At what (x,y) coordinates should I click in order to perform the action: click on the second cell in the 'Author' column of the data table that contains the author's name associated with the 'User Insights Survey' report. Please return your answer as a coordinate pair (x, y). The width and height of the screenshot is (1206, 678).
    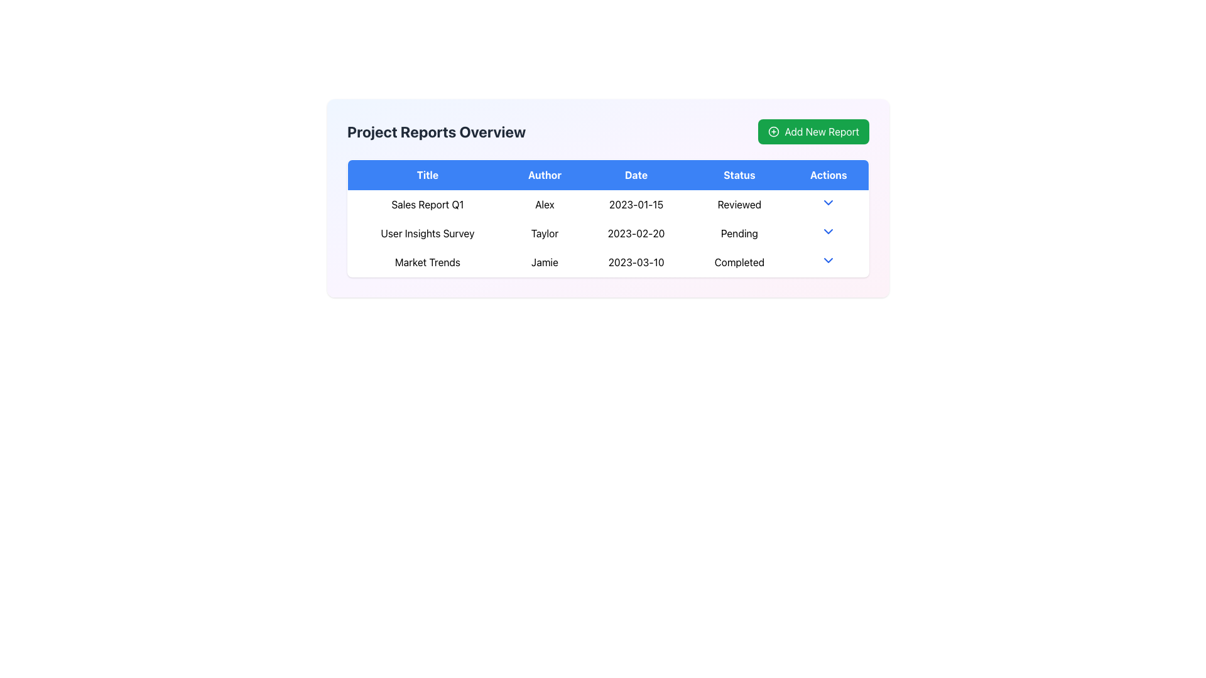
    Looking at the image, I should click on (545, 233).